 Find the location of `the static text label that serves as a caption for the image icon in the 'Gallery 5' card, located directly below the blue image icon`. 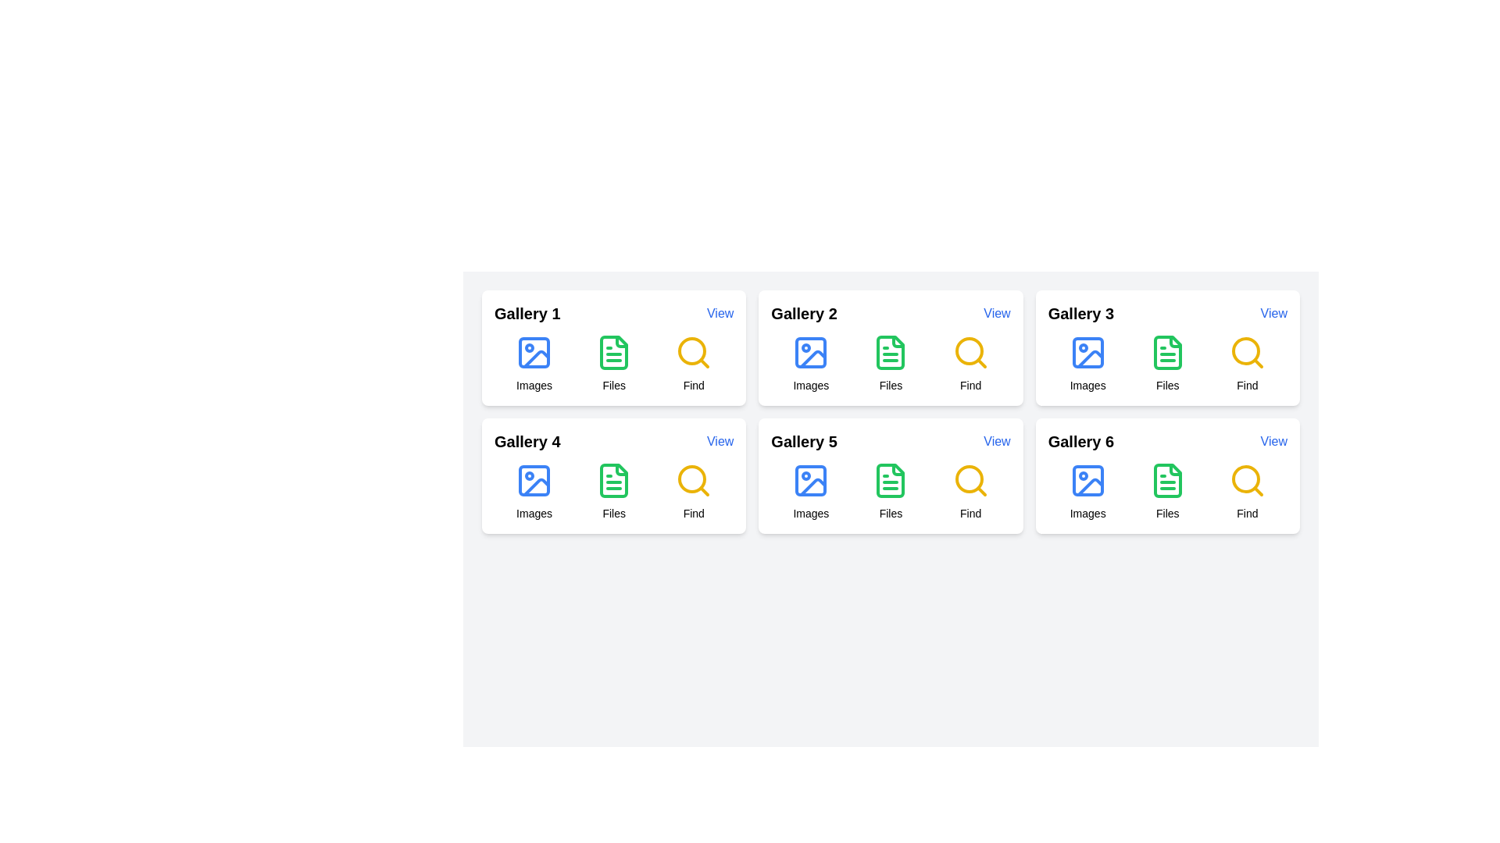

the static text label that serves as a caption for the image icon in the 'Gallery 5' card, located directly below the blue image icon is located at coordinates (811, 514).